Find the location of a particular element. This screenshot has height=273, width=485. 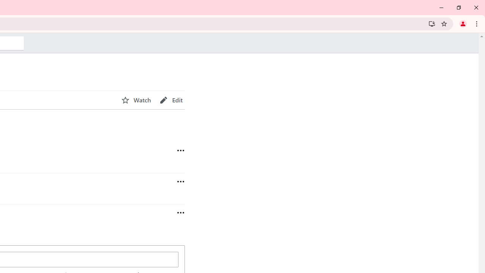

'Install Wikipedia' is located at coordinates (432, 23).